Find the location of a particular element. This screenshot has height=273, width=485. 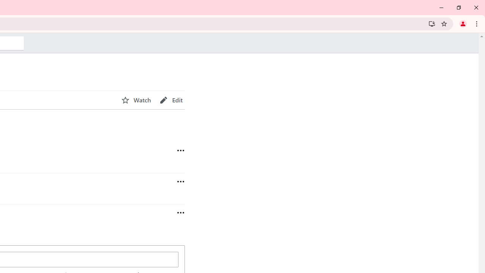

'Install Wikipedia' is located at coordinates (432, 23).